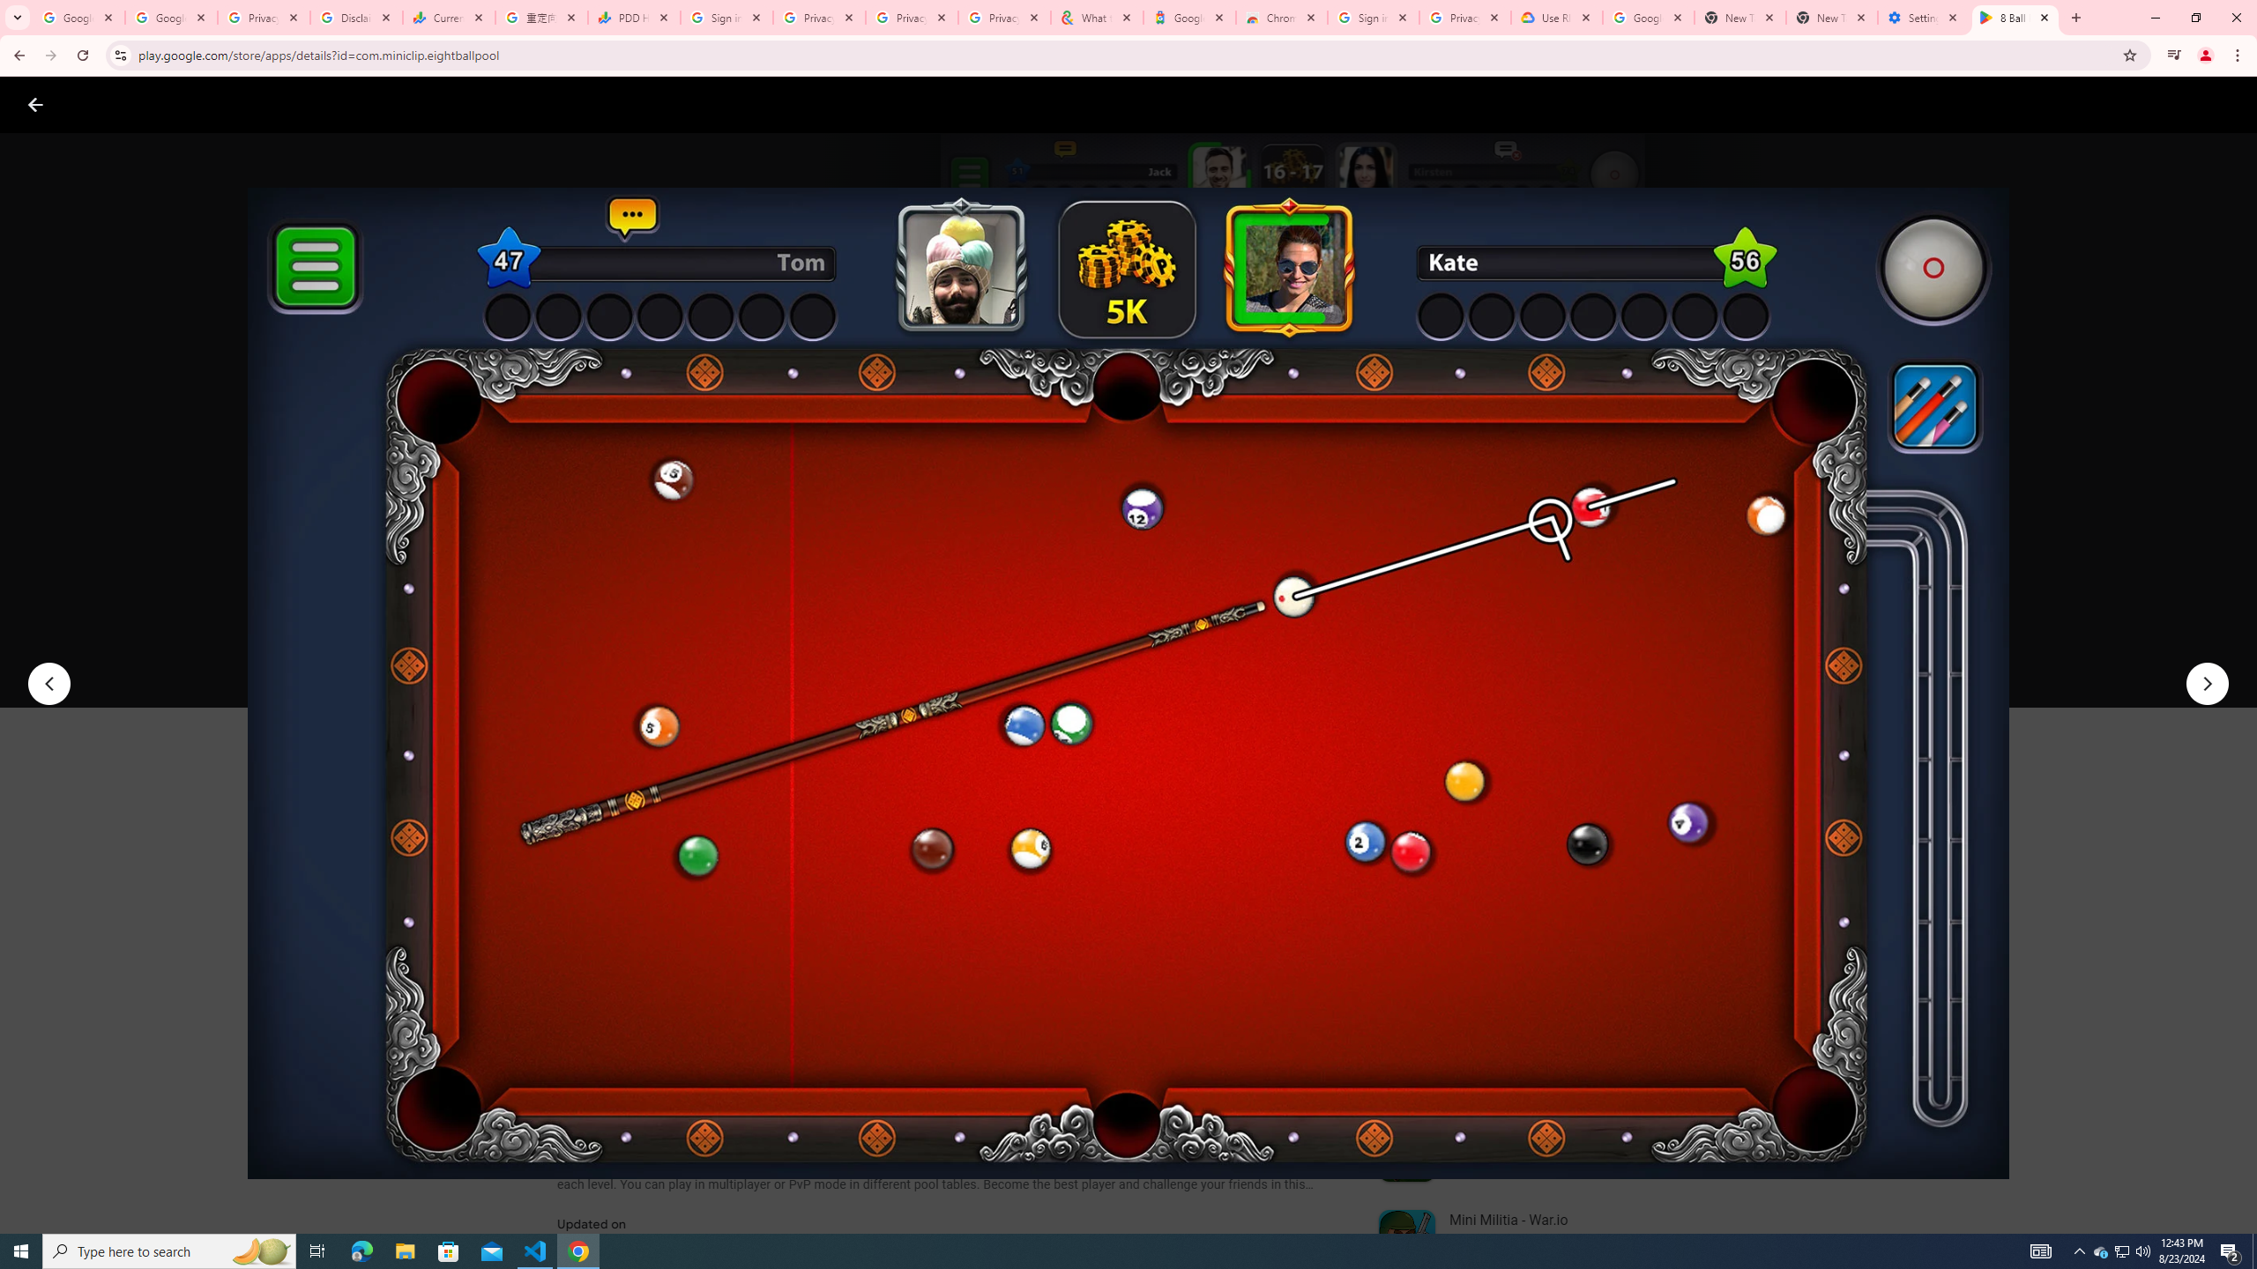  What do you see at coordinates (1832, 17) in the screenshot?
I see `'New Tab'` at bounding box center [1832, 17].